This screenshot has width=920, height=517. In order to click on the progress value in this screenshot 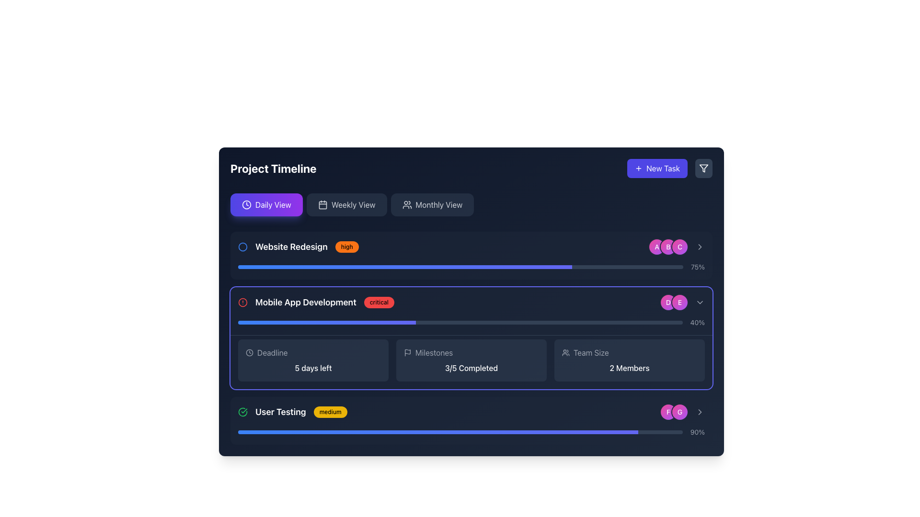, I will do `click(381, 432)`.